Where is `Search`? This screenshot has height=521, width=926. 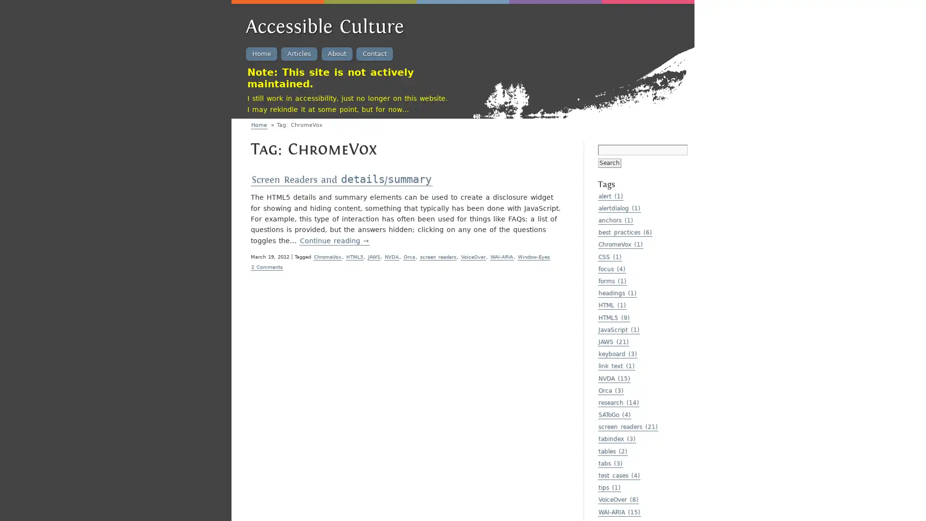 Search is located at coordinates (609, 163).